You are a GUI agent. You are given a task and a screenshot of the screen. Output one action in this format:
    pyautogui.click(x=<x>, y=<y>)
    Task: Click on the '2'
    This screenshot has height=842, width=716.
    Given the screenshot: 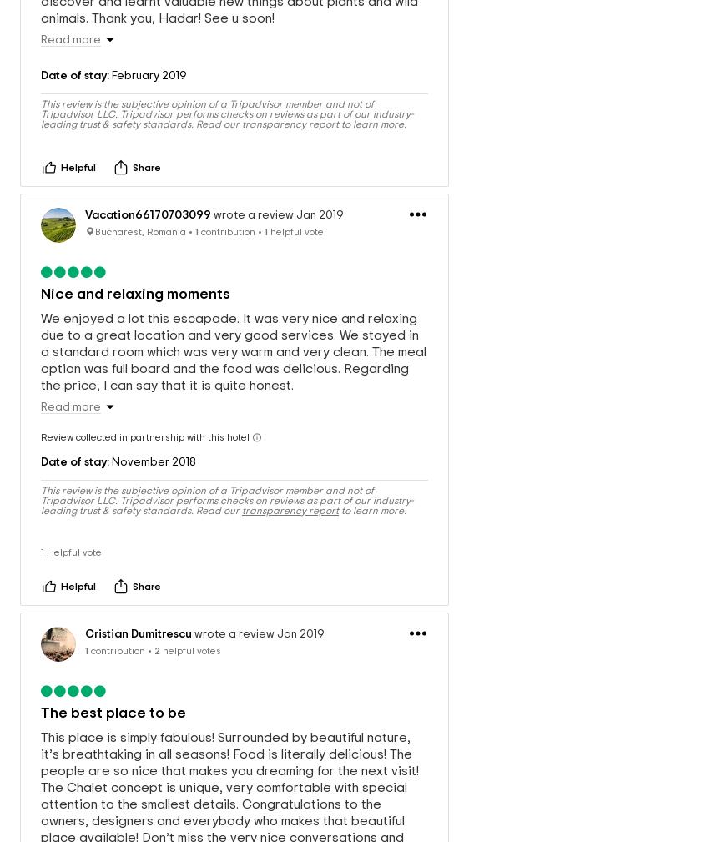 What is the action you would take?
    pyautogui.click(x=154, y=633)
    